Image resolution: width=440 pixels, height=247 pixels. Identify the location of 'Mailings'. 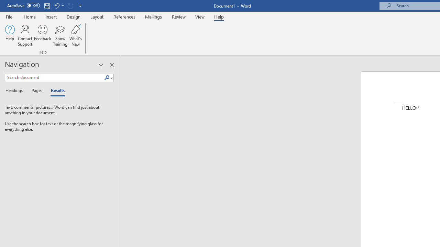
(153, 16).